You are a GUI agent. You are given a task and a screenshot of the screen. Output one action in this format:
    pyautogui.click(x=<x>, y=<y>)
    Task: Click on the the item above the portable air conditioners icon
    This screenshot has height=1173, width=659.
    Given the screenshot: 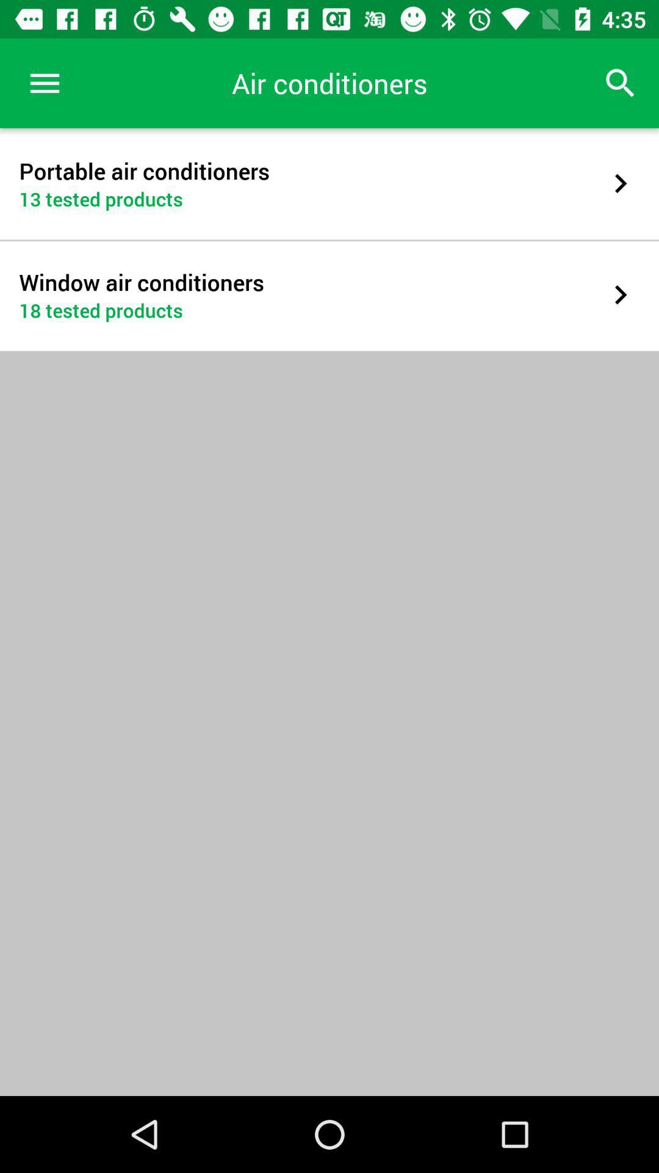 What is the action you would take?
    pyautogui.click(x=44, y=82)
    